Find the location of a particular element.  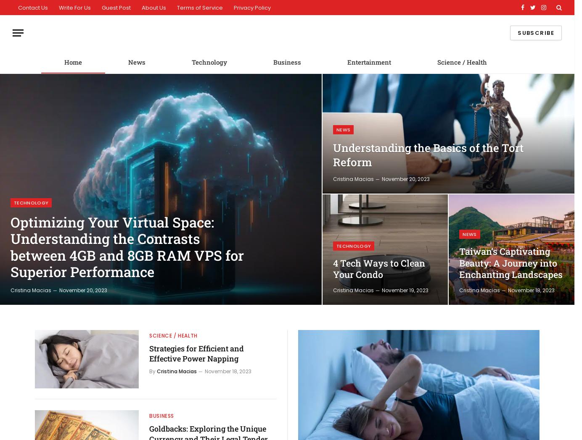

'Home' is located at coordinates (72, 62).